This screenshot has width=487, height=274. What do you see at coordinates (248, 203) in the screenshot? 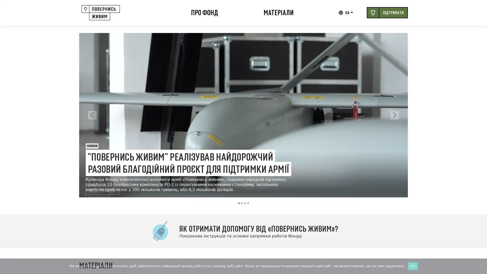
I see `3` at bounding box center [248, 203].